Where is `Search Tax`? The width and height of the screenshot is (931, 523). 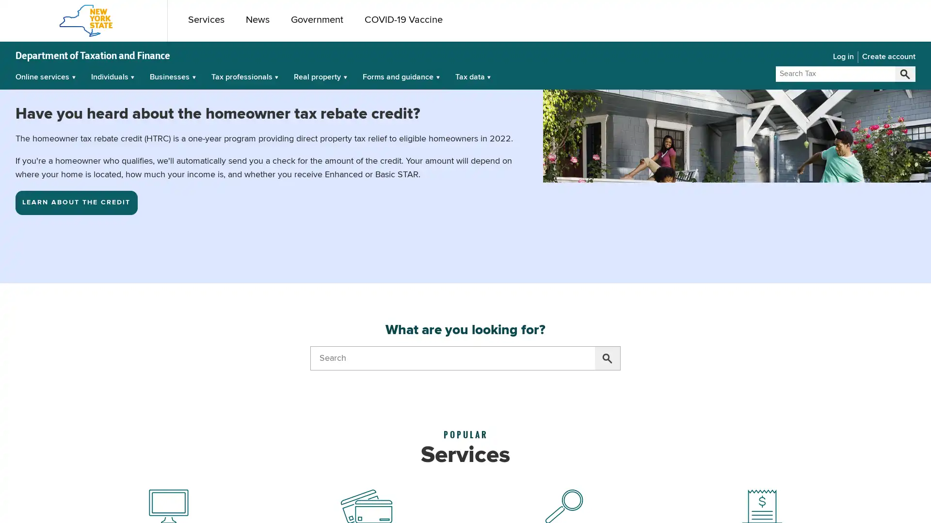 Search Tax is located at coordinates (904, 74).